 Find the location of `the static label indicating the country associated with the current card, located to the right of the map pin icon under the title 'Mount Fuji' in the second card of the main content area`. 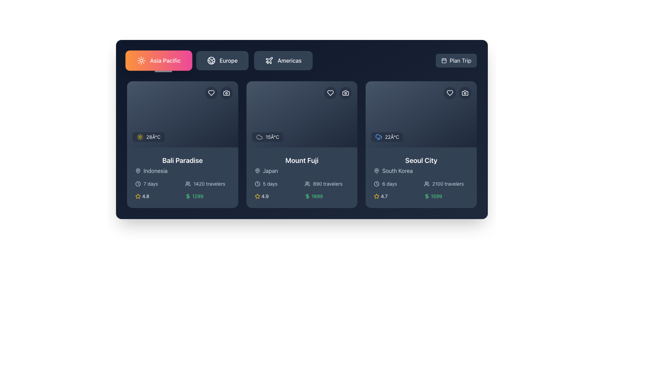

the static label indicating the country associated with the current card, located to the right of the map pin icon under the title 'Mount Fuji' in the second card of the main content area is located at coordinates (270, 170).